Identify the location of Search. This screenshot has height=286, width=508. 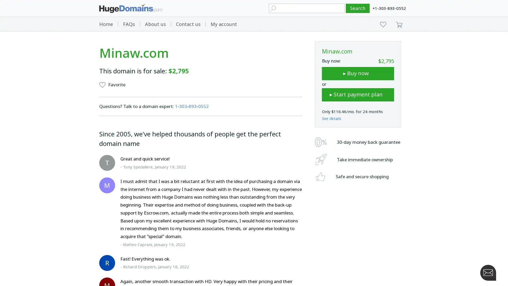
(358, 8).